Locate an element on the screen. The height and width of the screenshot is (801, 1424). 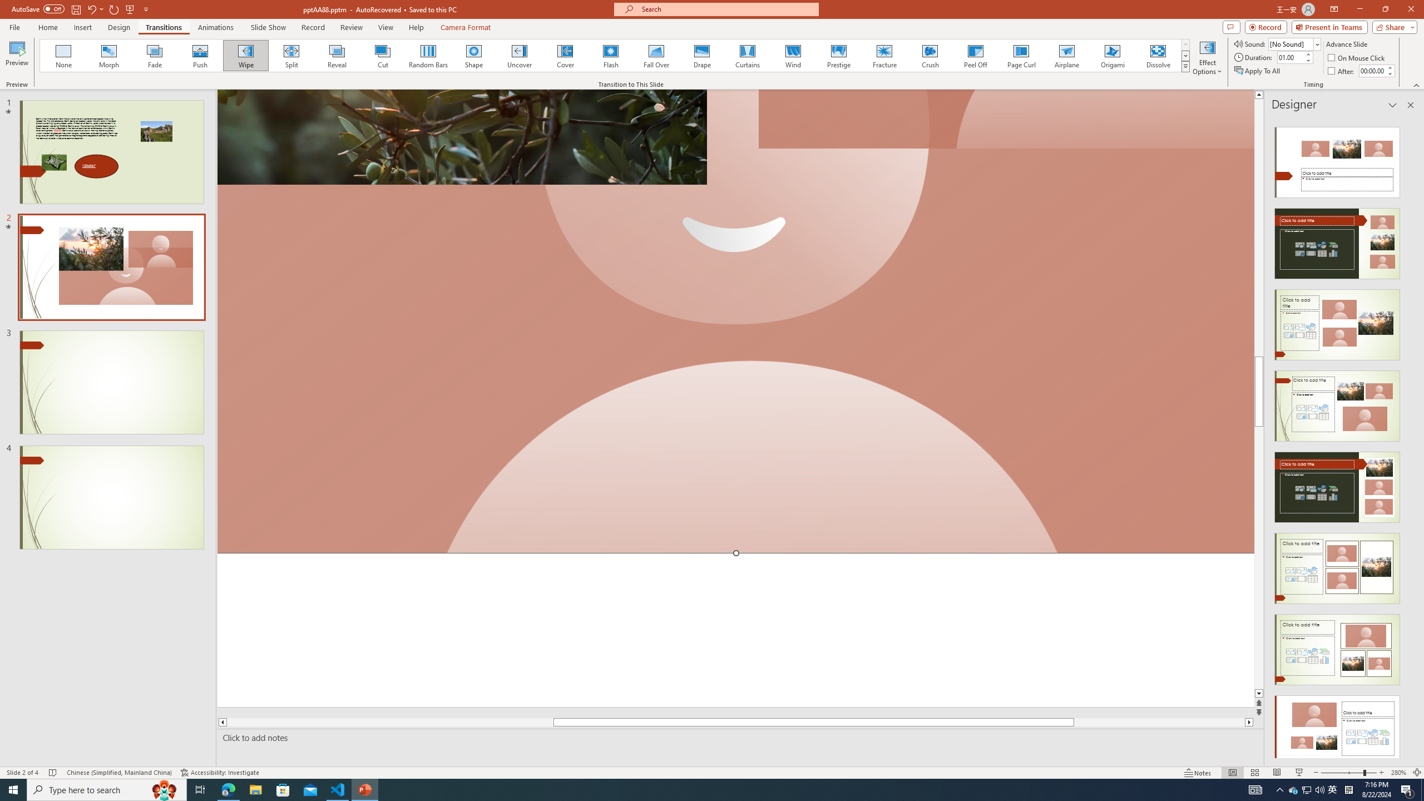
'Class: NetUIImage' is located at coordinates (1185, 66).